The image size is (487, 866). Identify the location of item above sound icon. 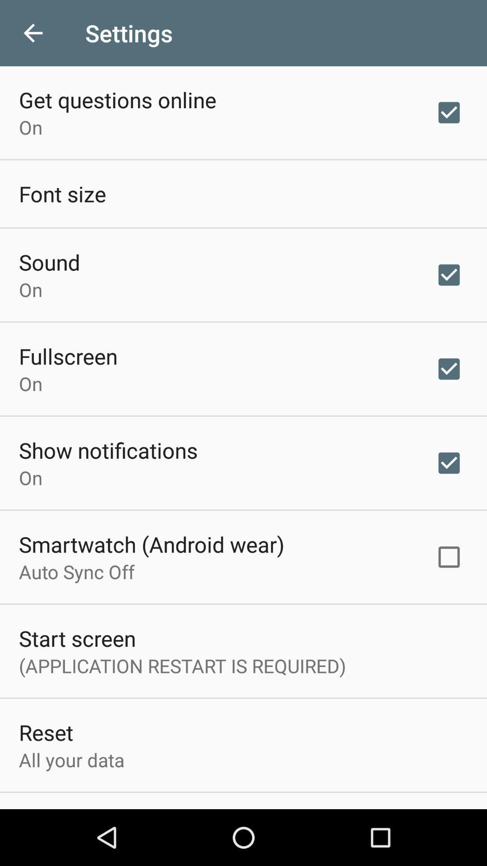
(62, 193).